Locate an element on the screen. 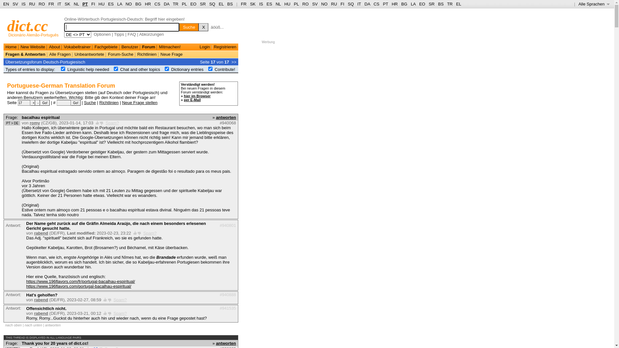 This screenshot has width=619, height=348. 'SK' is located at coordinates (252, 4).